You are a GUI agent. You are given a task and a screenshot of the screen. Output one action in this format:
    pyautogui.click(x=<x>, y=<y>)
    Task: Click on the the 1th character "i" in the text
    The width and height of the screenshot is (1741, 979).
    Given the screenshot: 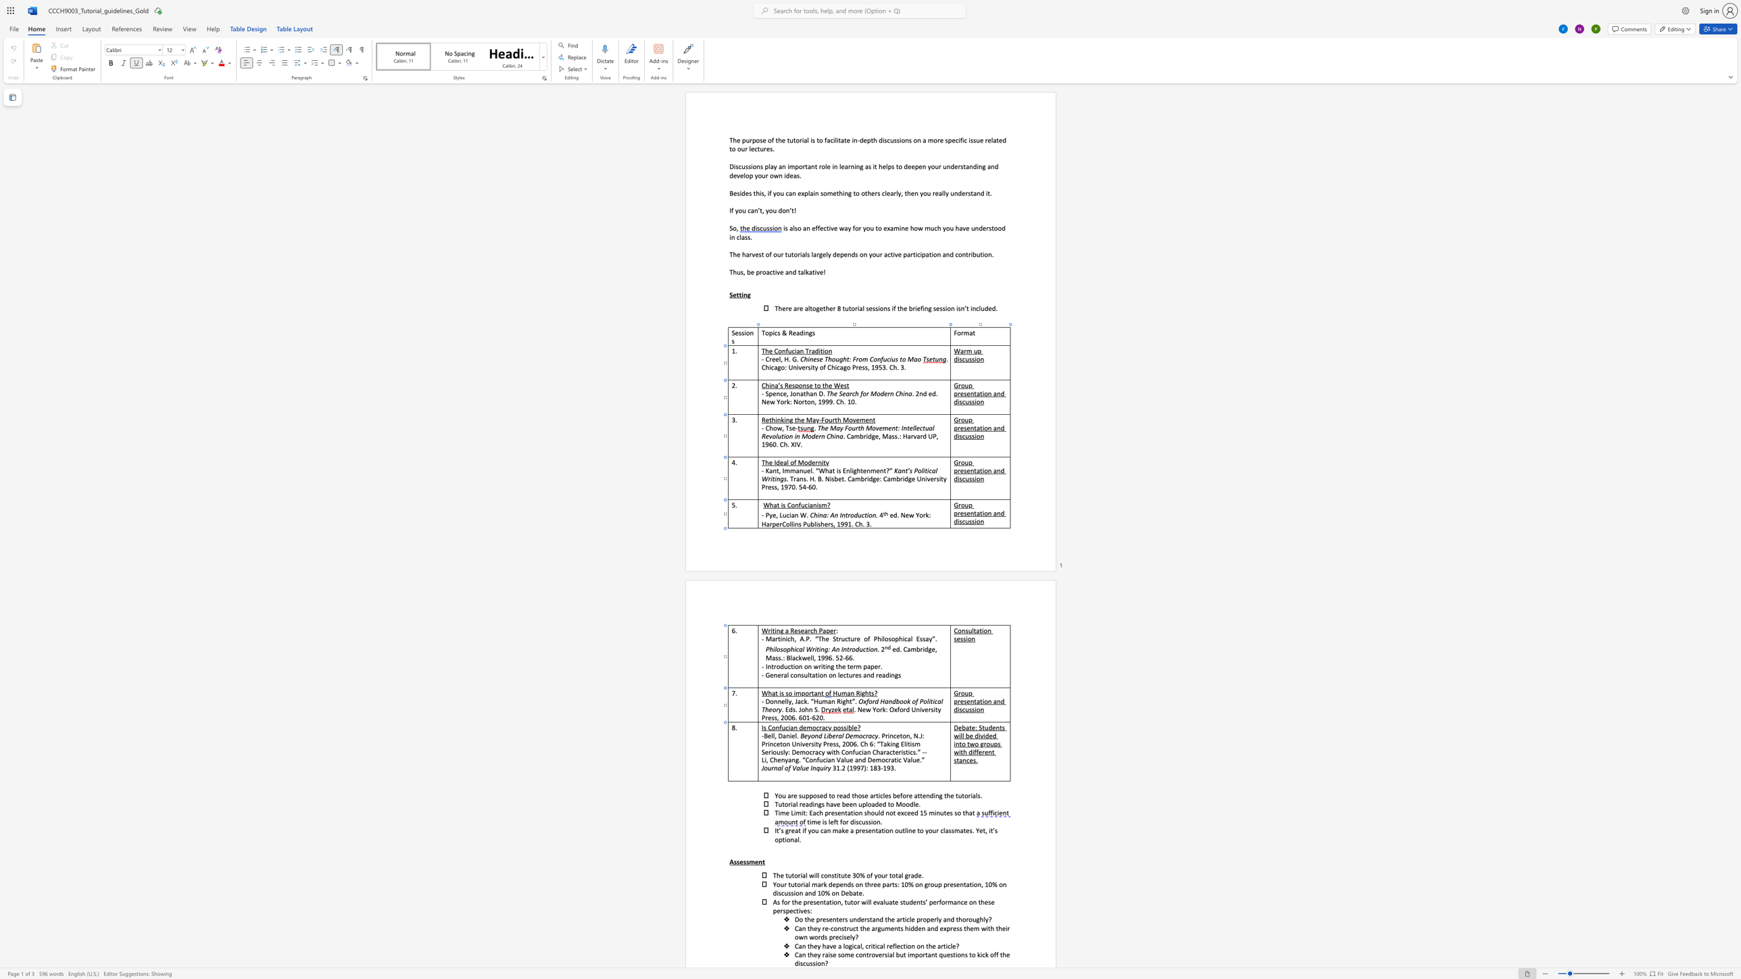 What is the action you would take?
    pyautogui.click(x=790, y=735)
    